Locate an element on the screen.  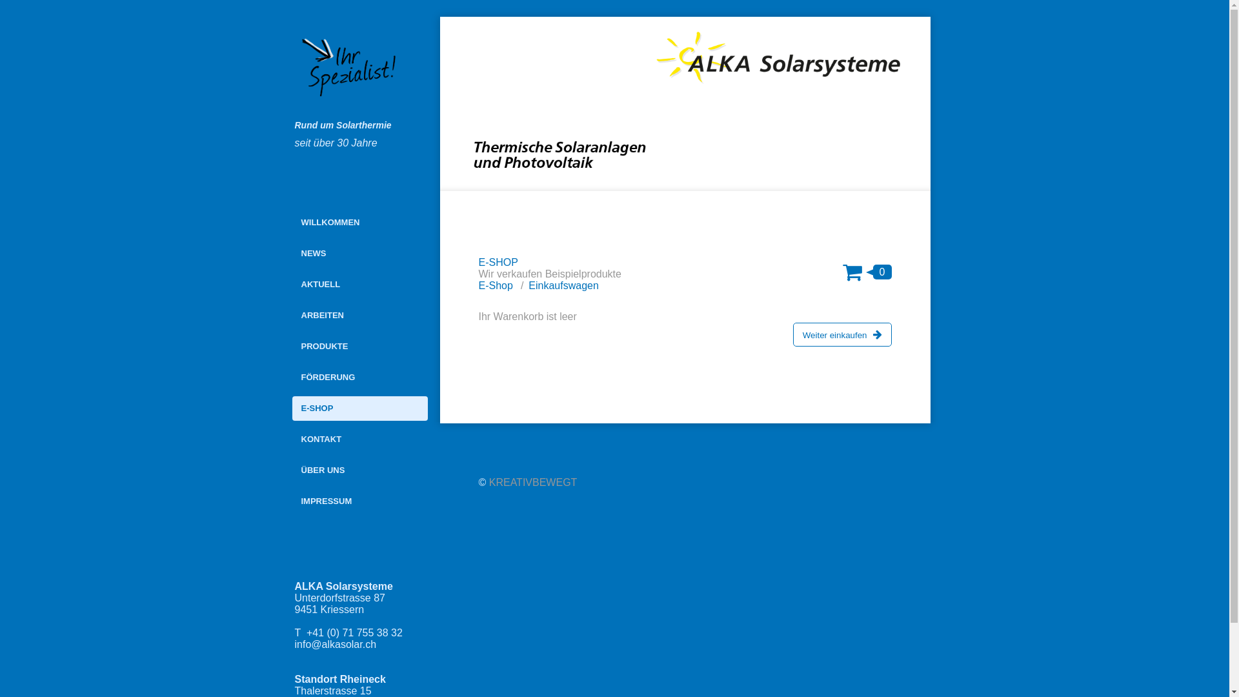
'IMPRESSUM' is located at coordinates (290, 500).